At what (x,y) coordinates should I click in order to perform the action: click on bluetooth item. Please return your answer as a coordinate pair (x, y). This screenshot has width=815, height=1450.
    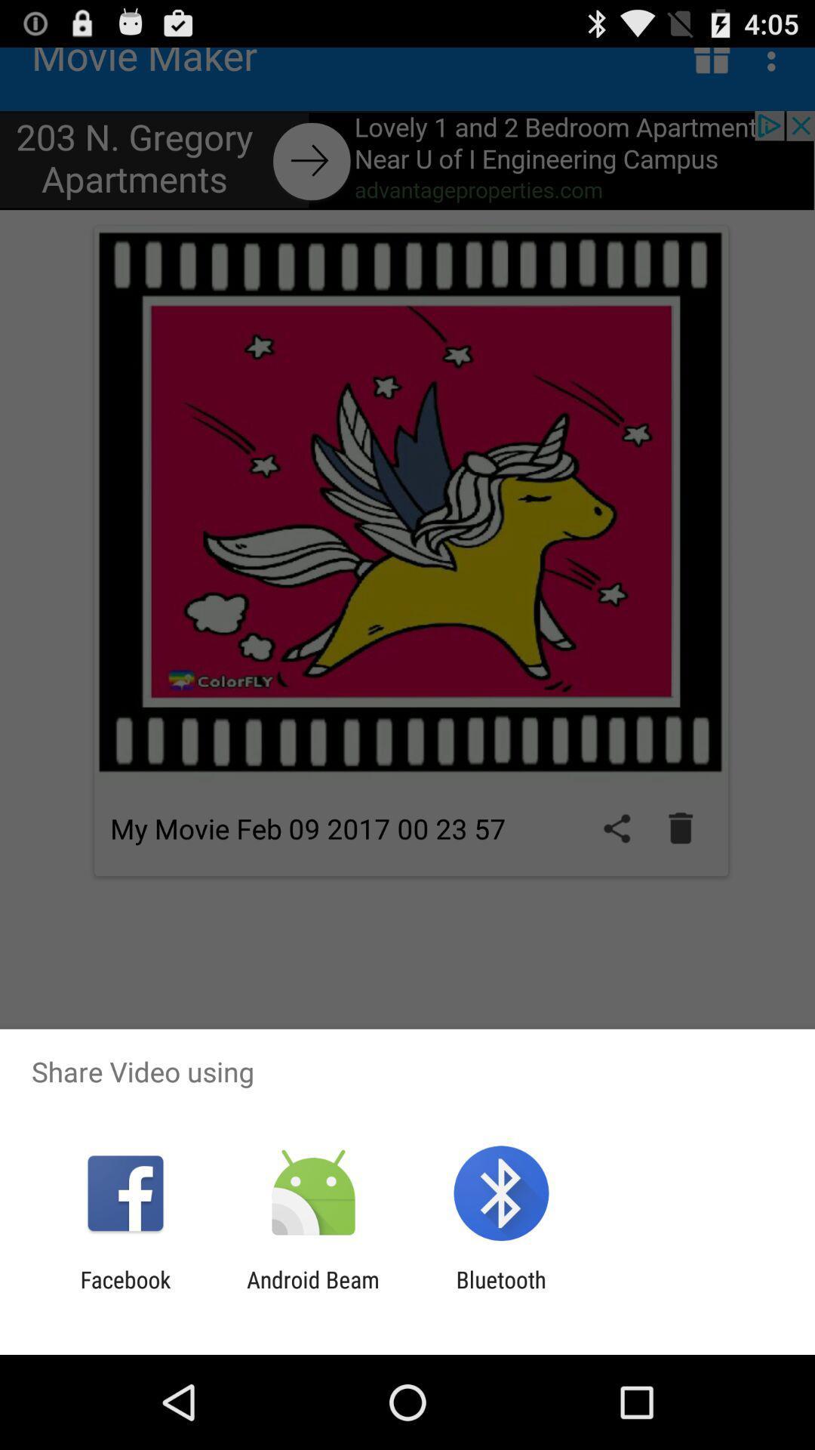
    Looking at the image, I should click on (501, 1292).